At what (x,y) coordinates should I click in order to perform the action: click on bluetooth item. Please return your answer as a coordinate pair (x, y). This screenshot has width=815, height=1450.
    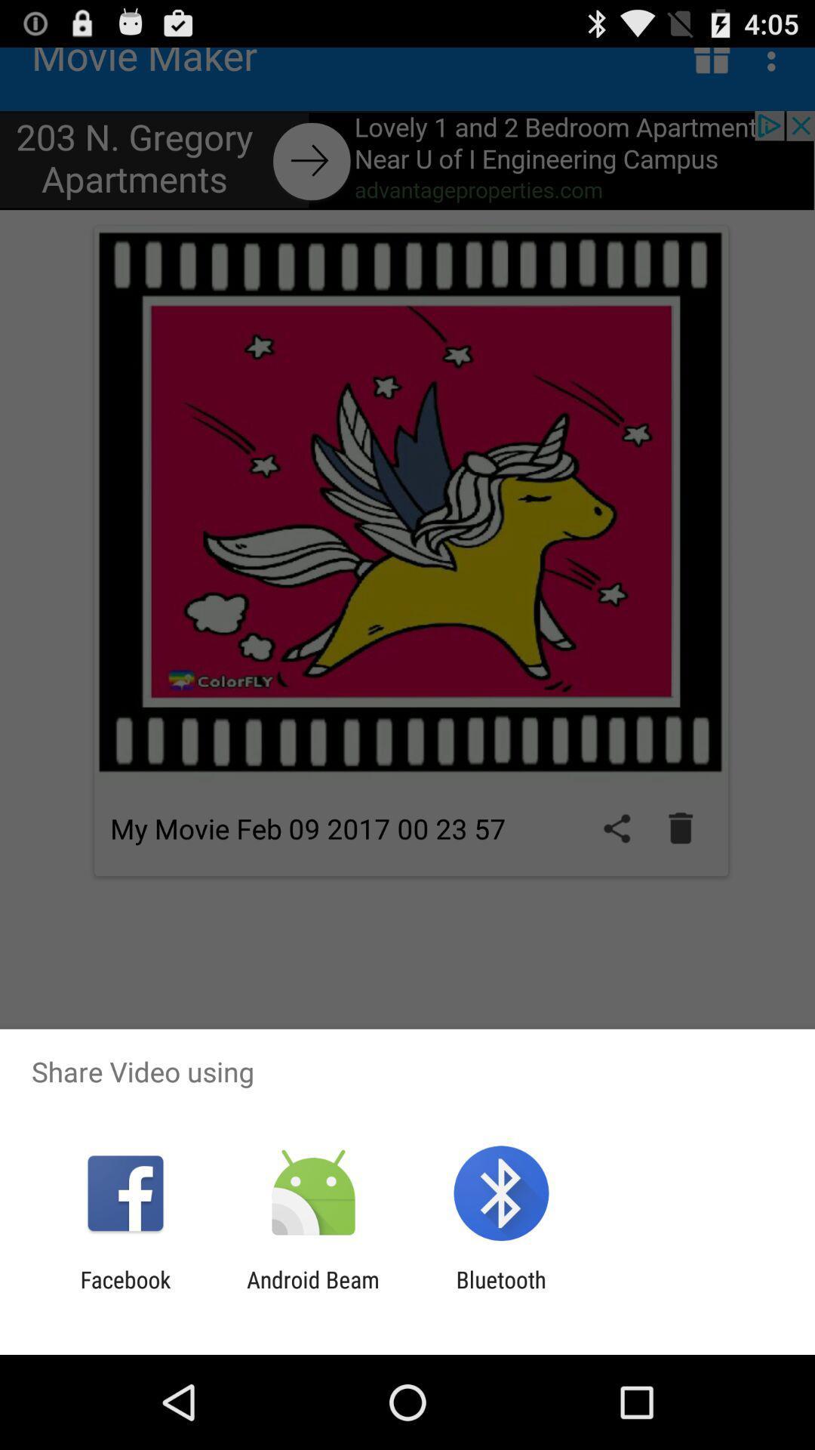
    Looking at the image, I should click on (501, 1292).